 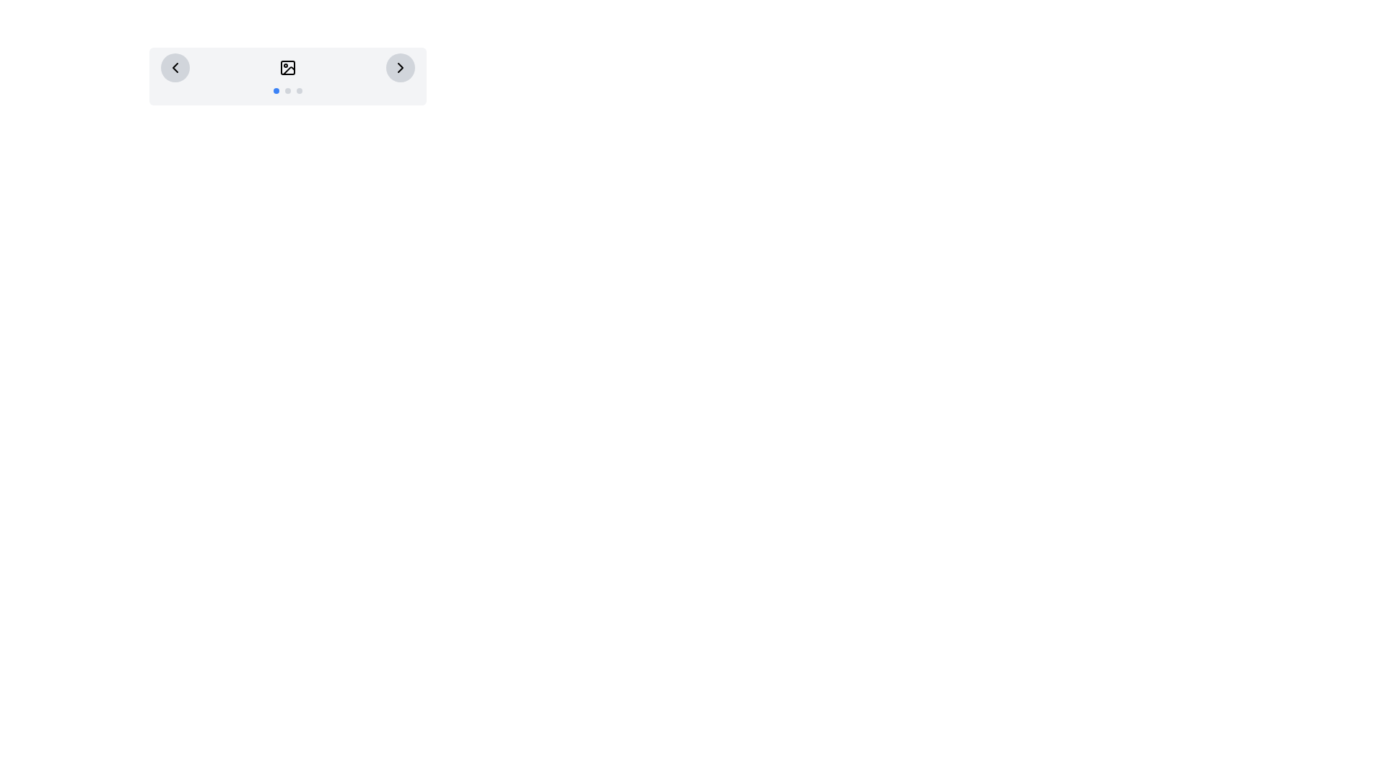 I want to click on the circular button with a light gray background and a right-pointing chevron icon, so click(x=400, y=67).